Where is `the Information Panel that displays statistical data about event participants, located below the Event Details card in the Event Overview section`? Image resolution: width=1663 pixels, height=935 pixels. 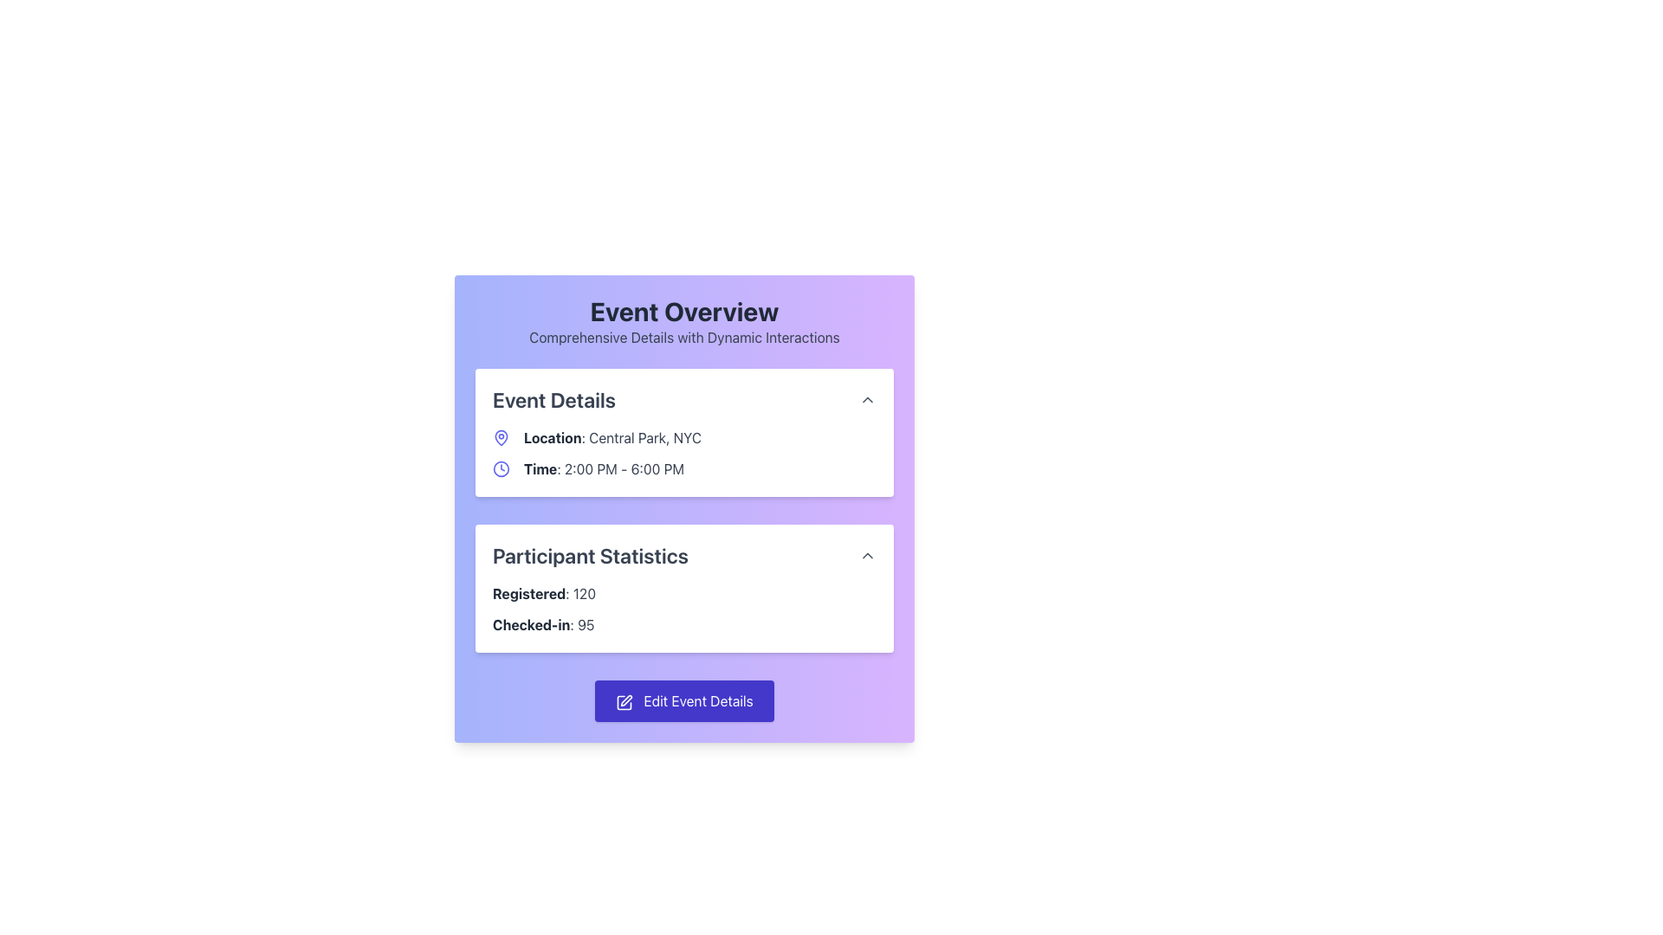
the Information Panel that displays statistical data about event participants, located below the Event Details card in the Event Overview section is located at coordinates (683, 587).